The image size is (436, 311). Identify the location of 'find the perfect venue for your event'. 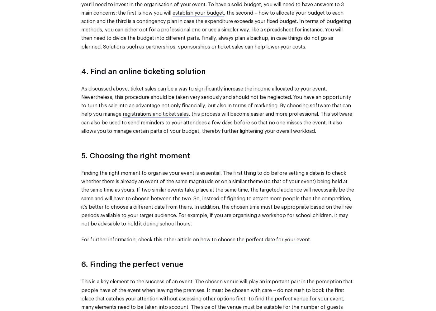
(299, 298).